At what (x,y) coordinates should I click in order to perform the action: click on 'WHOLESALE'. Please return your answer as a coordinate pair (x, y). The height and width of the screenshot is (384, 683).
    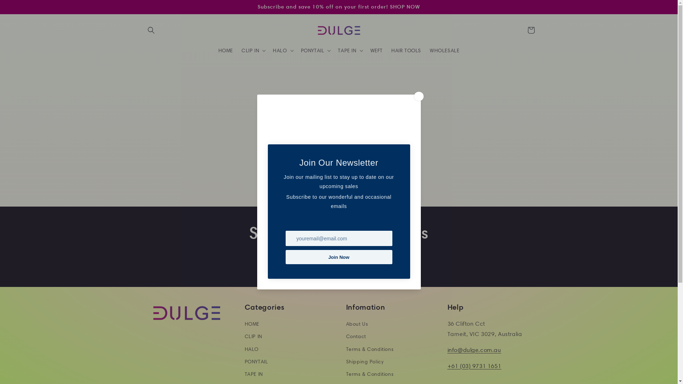
    Looking at the image, I should click on (444, 50).